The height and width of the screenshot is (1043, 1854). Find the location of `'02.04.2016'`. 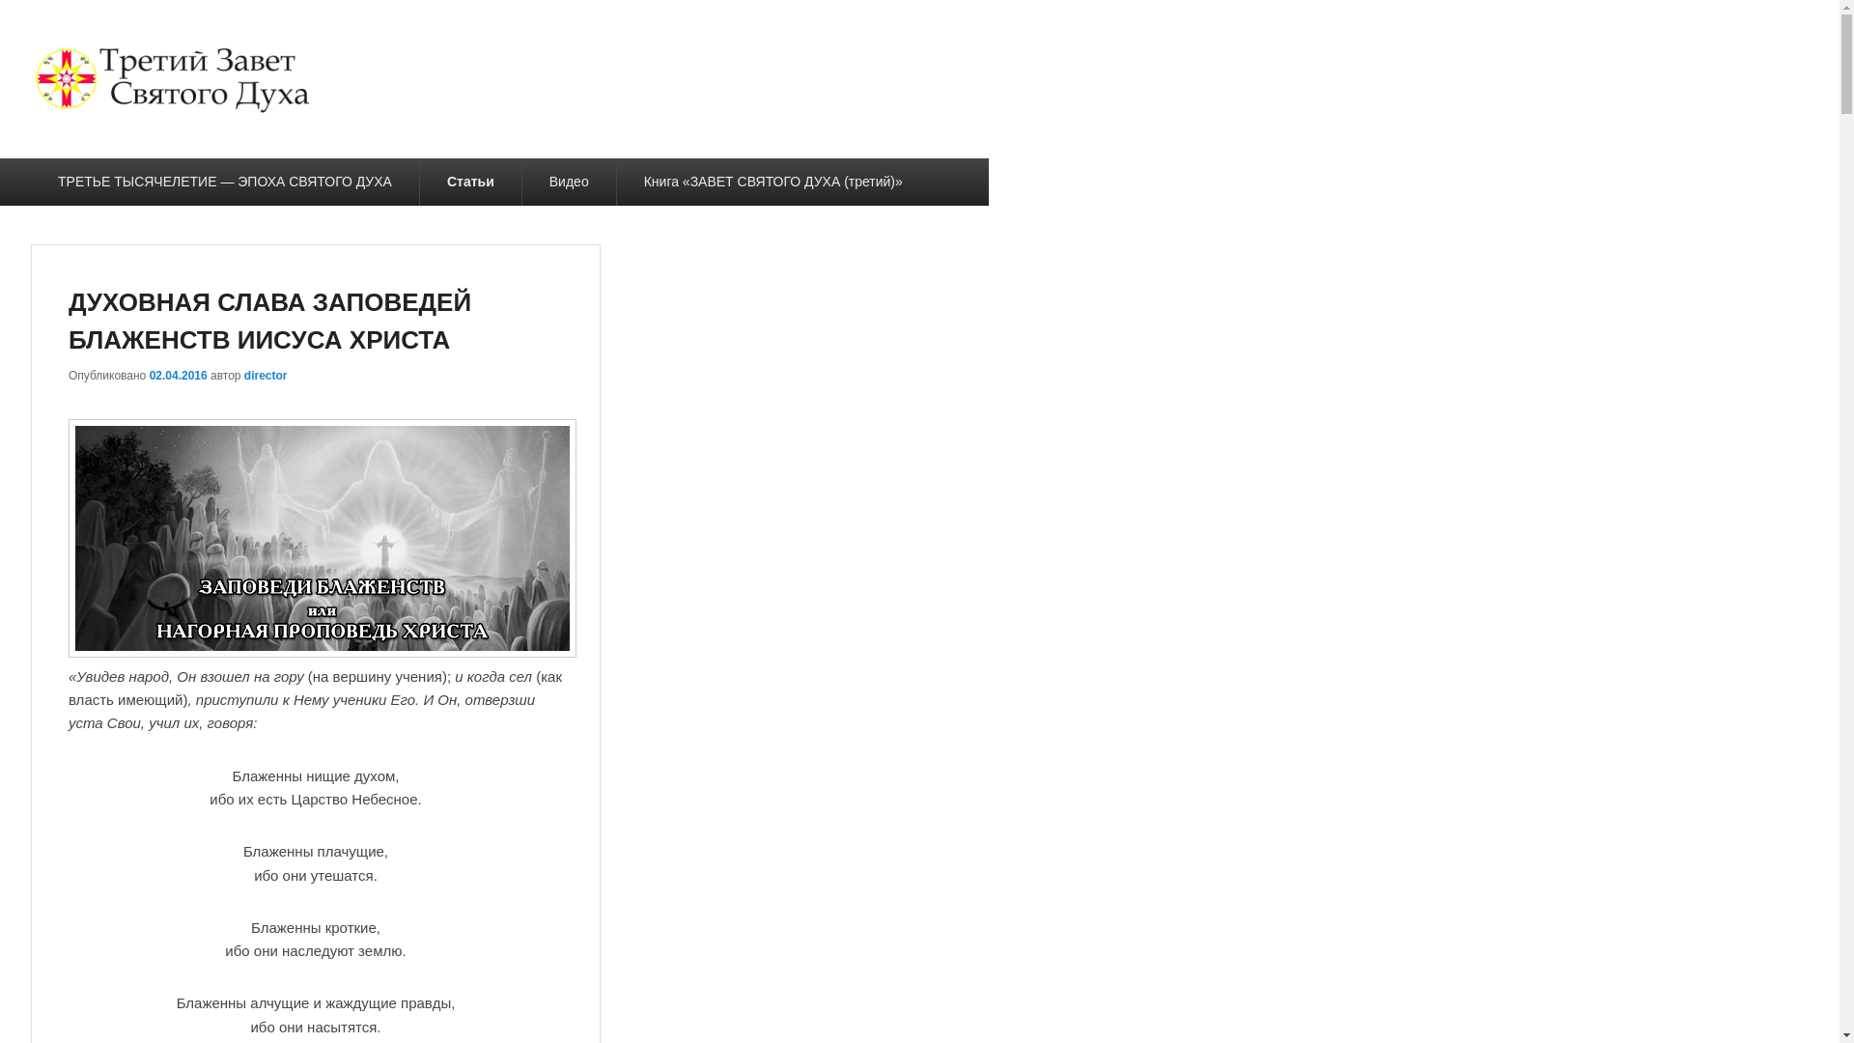

'02.04.2016' is located at coordinates (179, 376).